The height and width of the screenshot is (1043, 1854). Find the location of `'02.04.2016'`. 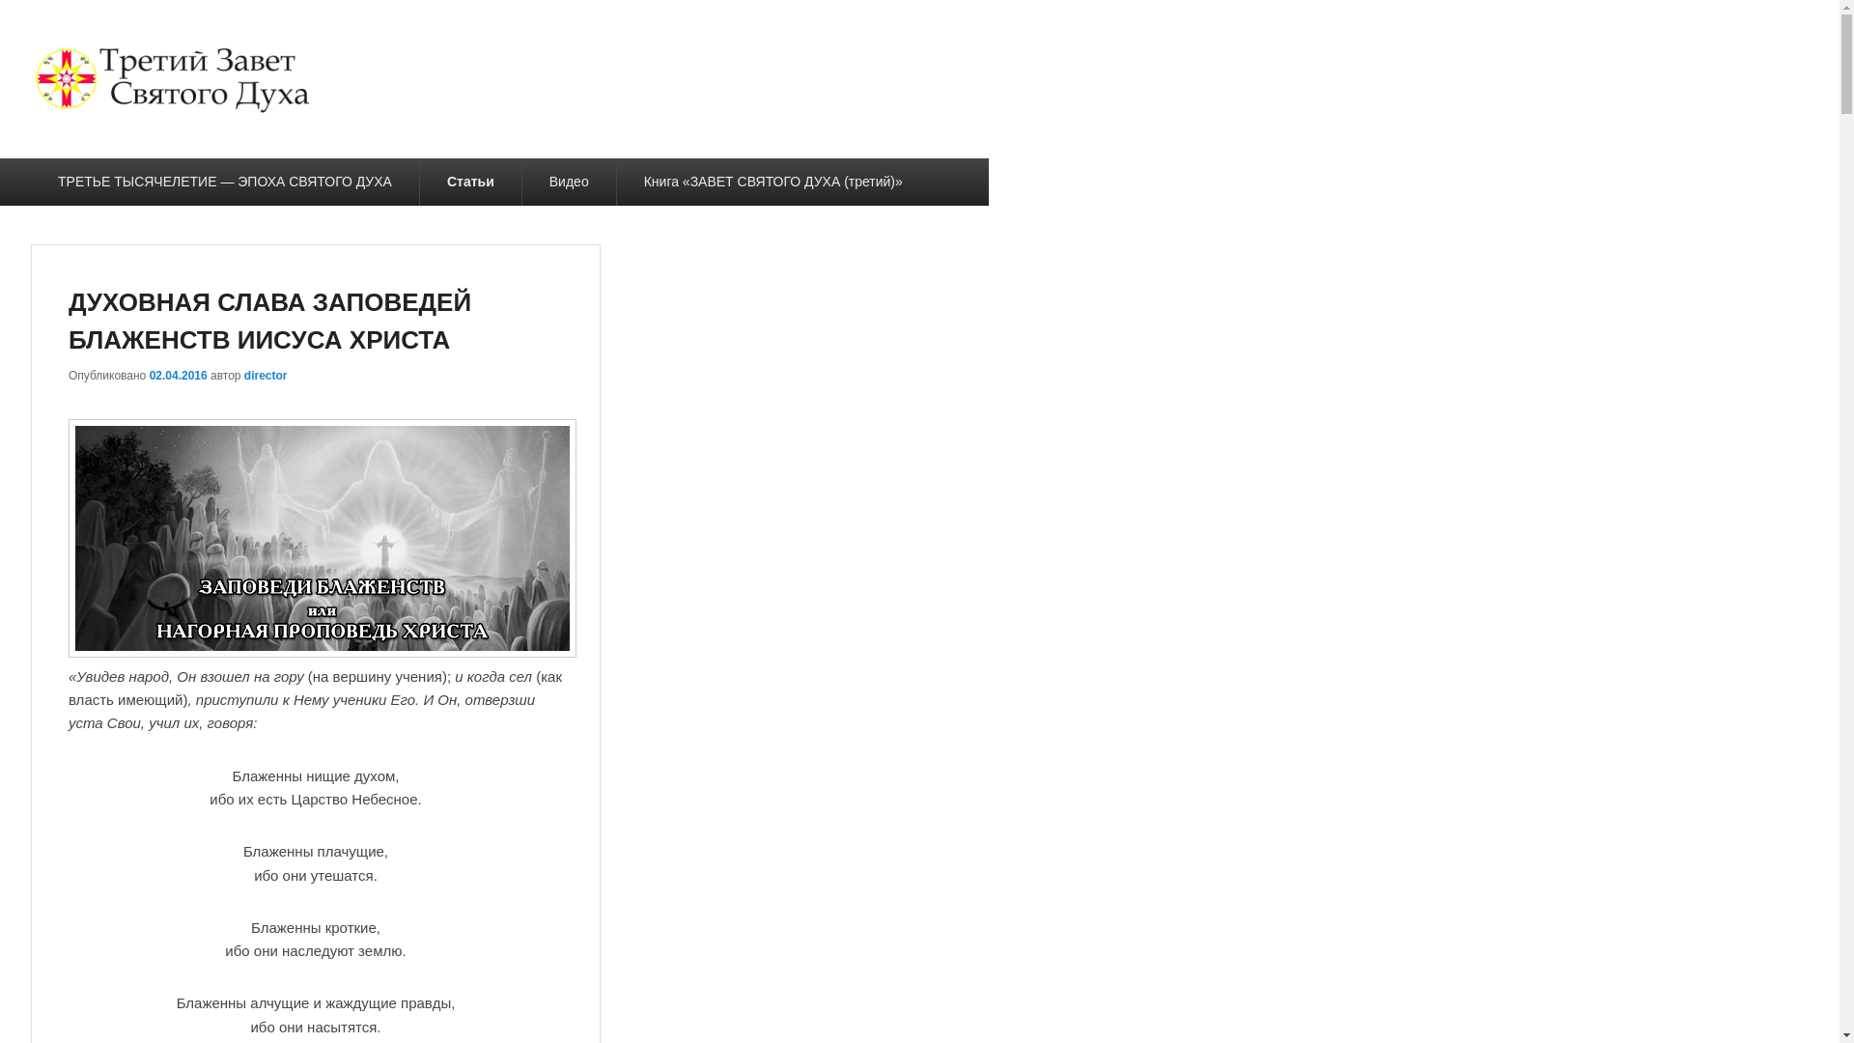

'02.04.2016' is located at coordinates (179, 376).